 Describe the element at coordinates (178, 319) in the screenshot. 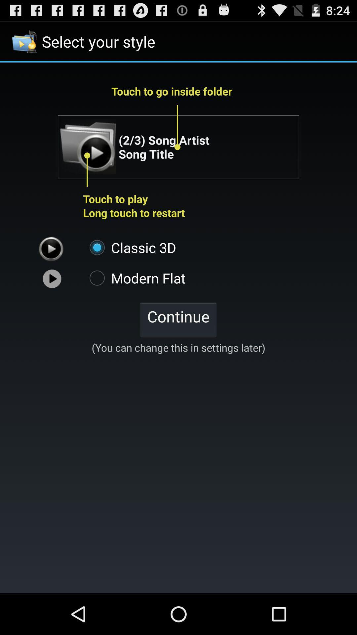

I see `the icon below modern flat radio button` at that location.